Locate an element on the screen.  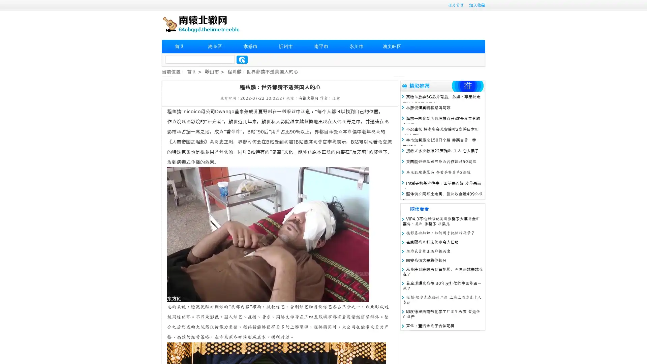
Search is located at coordinates (242, 59).